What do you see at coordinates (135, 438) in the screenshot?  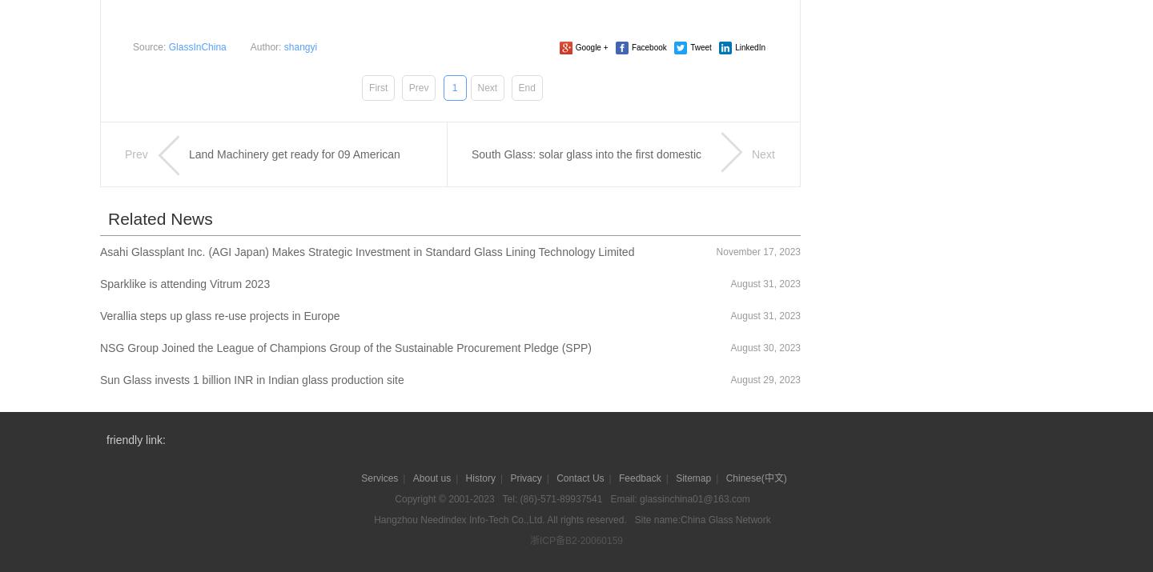 I see `'friendly link:'` at bounding box center [135, 438].